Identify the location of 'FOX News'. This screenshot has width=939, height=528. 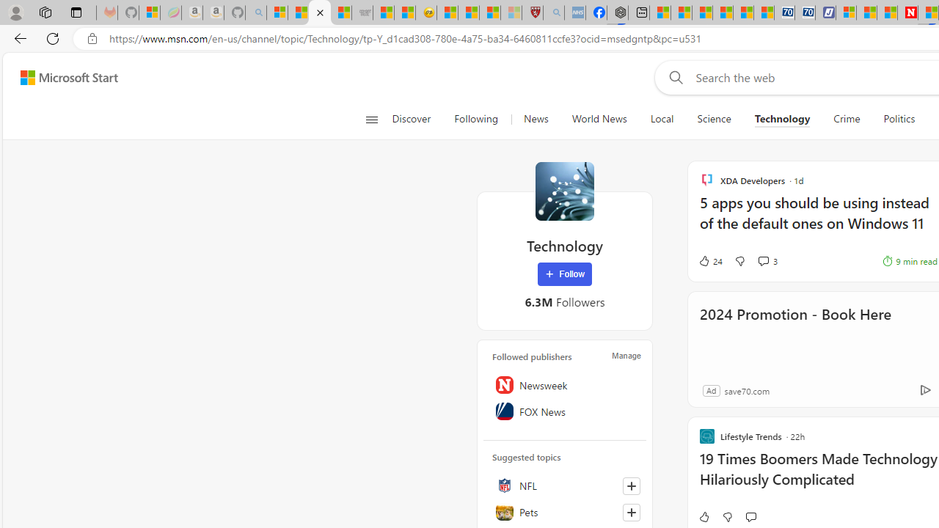
(564, 411).